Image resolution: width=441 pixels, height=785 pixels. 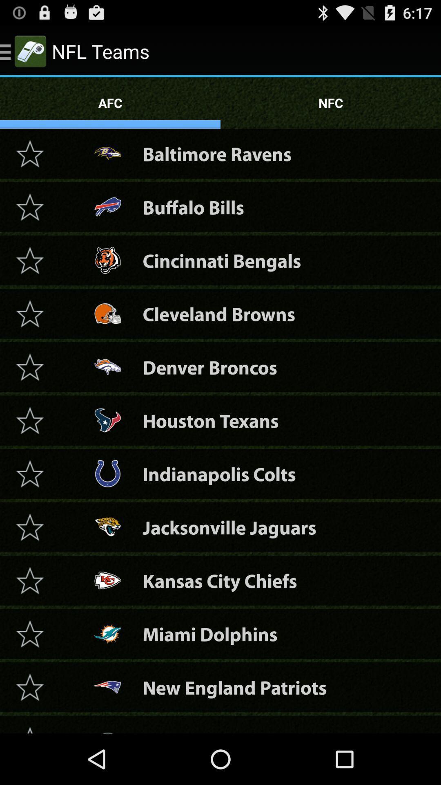 What do you see at coordinates (331, 103) in the screenshot?
I see `the item next to afc item` at bounding box center [331, 103].